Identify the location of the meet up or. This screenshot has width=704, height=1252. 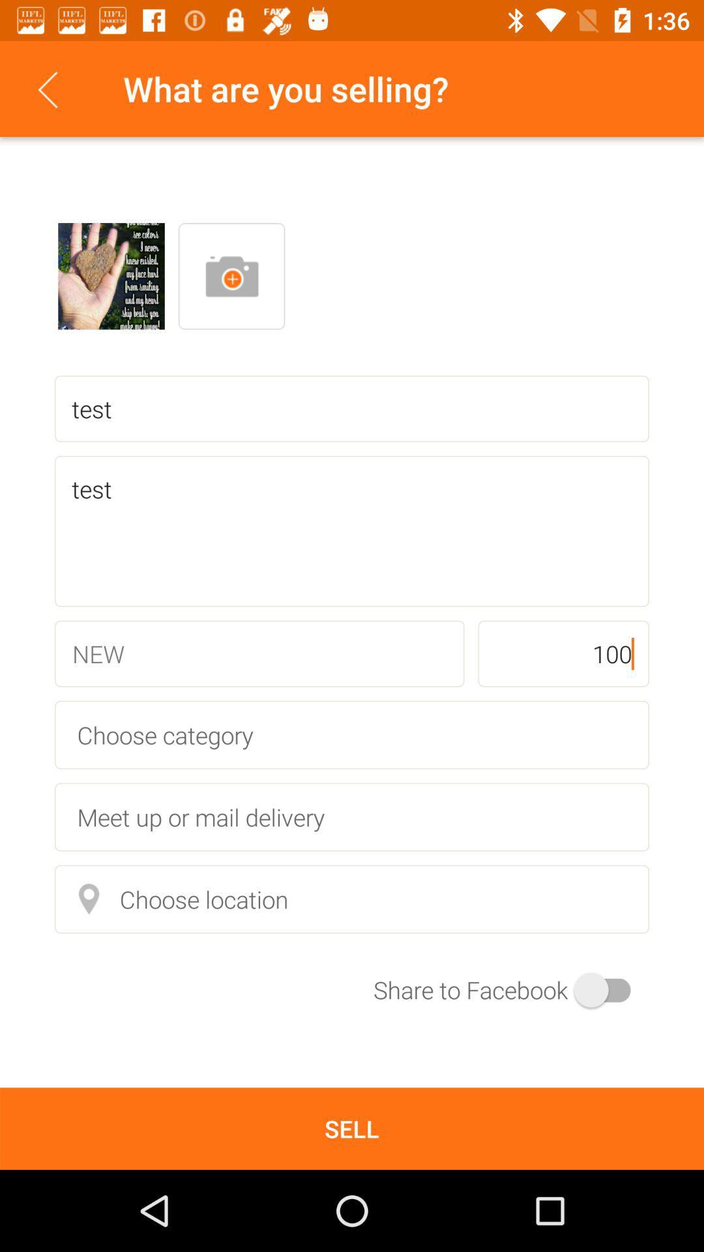
(352, 816).